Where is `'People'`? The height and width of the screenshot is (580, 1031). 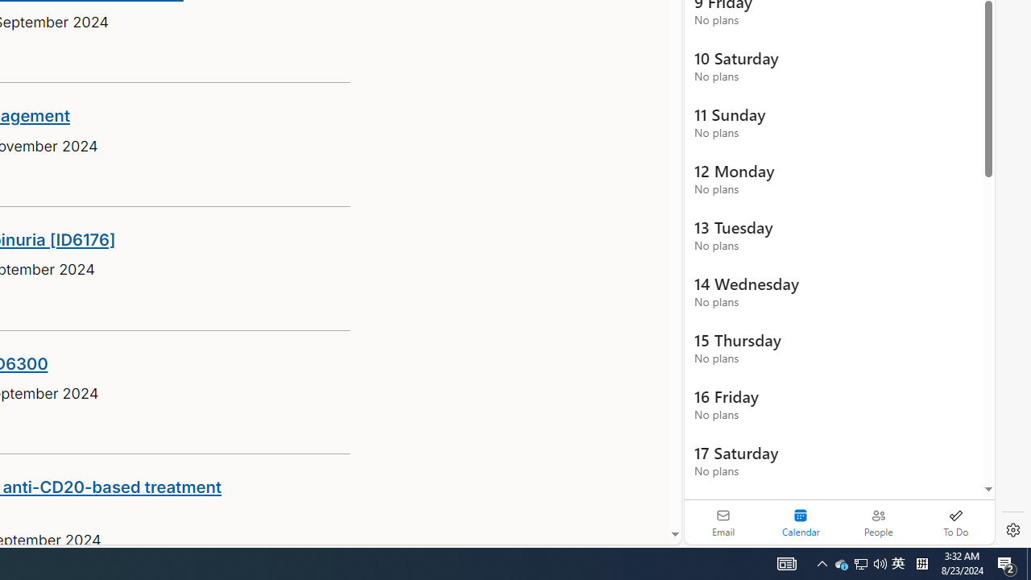
'People' is located at coordinates (877, 522).